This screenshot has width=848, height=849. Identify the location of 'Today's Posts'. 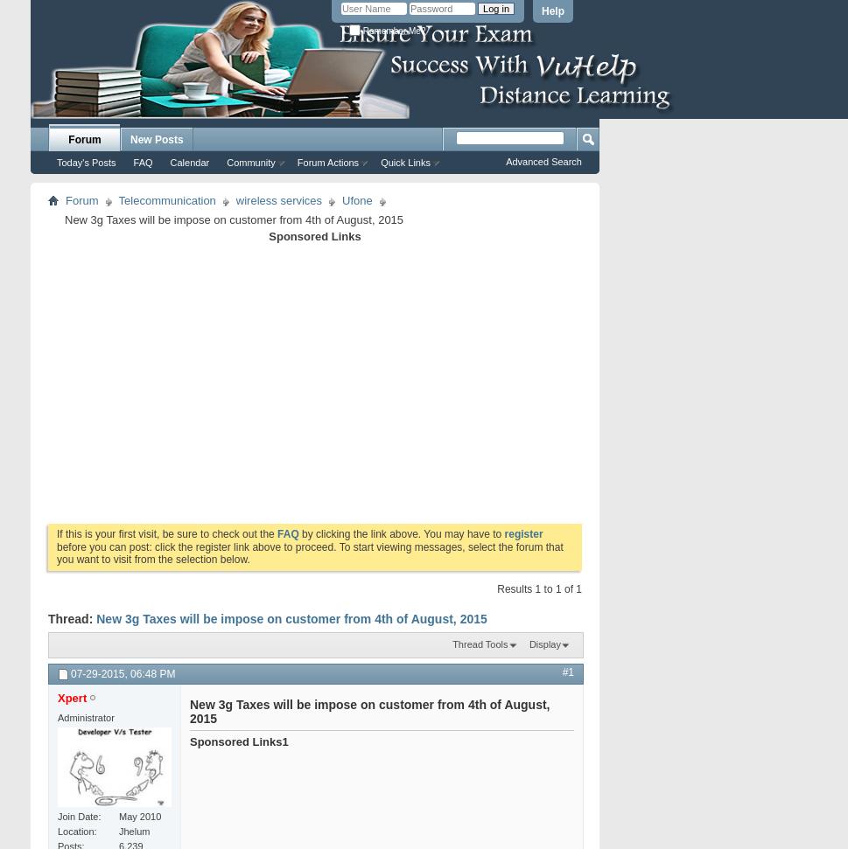
(86, 162).